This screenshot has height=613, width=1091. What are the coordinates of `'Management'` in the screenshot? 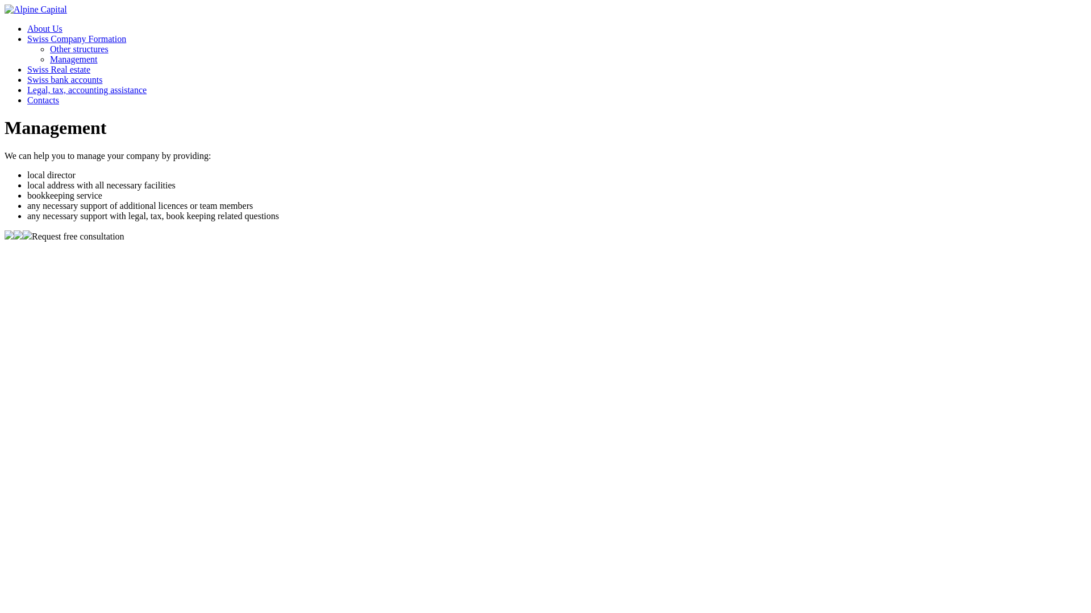 It's located at (73, 59).